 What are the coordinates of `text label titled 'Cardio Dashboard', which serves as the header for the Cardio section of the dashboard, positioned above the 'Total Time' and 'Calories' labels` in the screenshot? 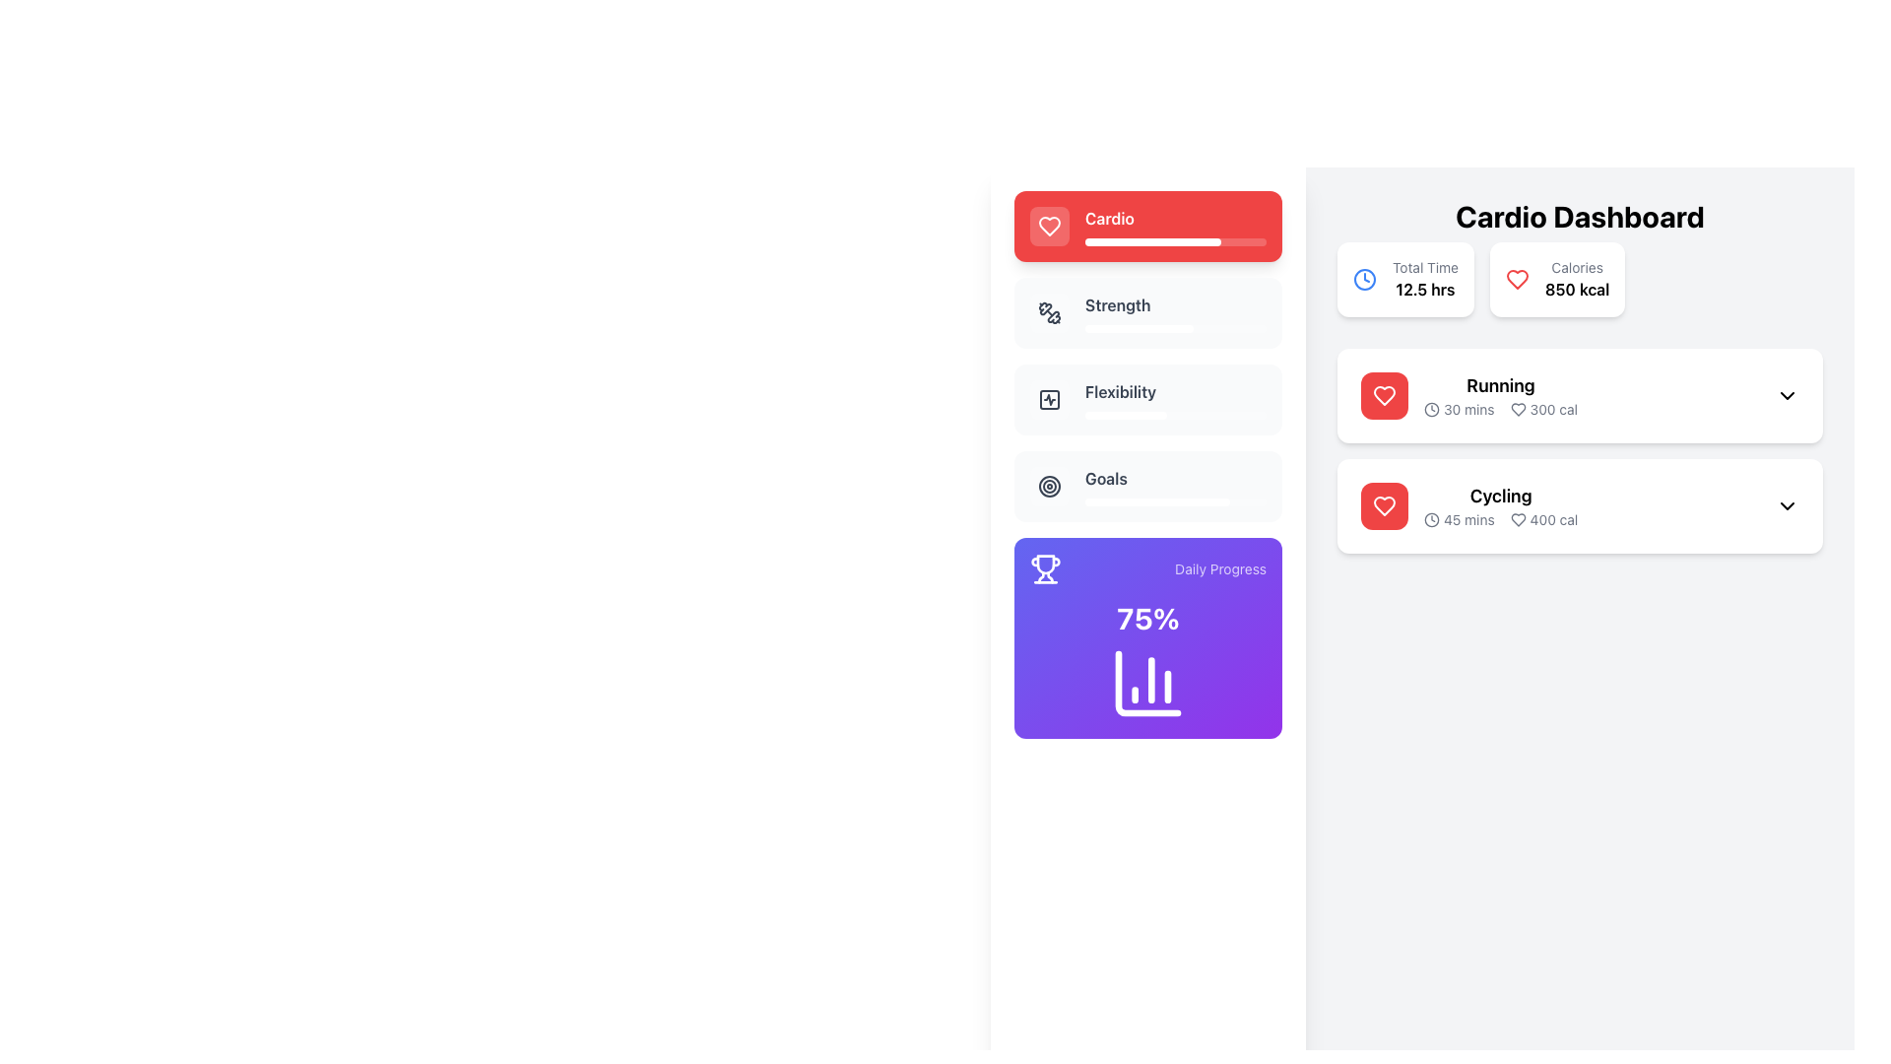 It's located at (1580, 216).